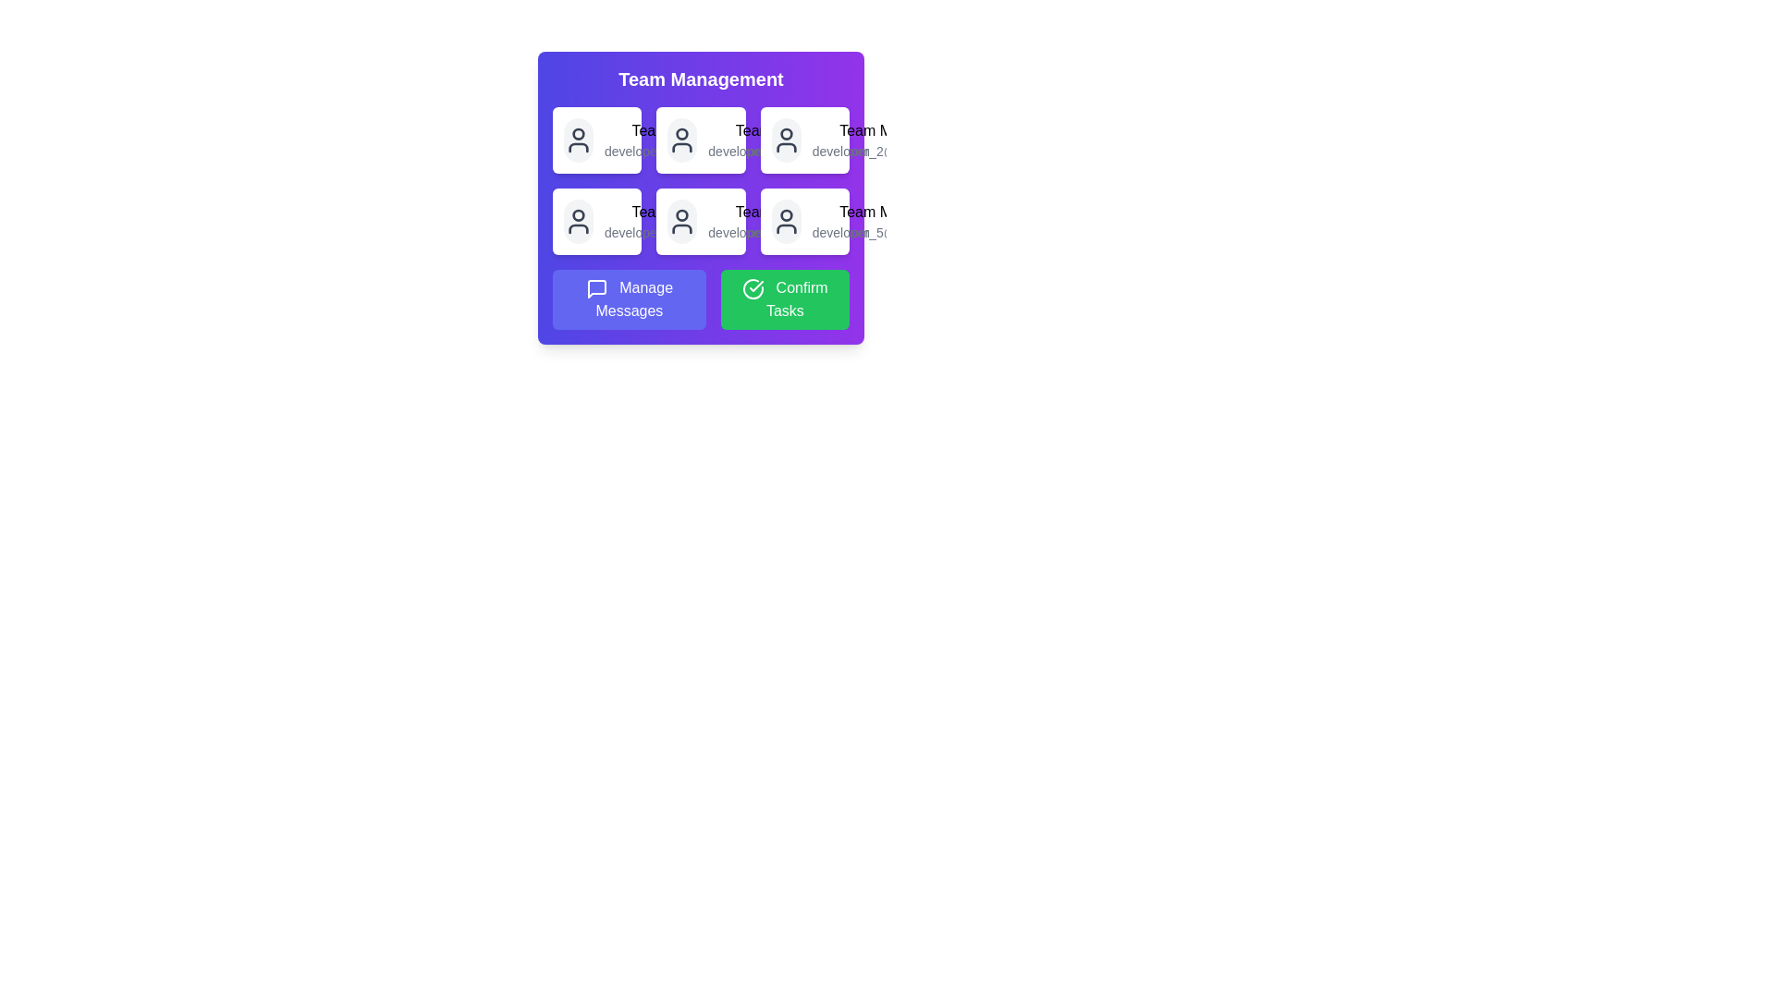 This screenshot has width=1775, height=998. What do you see at coordinates (700, 198) in the screenshot?
I see `the user information card` at bounding box center [700, 198].